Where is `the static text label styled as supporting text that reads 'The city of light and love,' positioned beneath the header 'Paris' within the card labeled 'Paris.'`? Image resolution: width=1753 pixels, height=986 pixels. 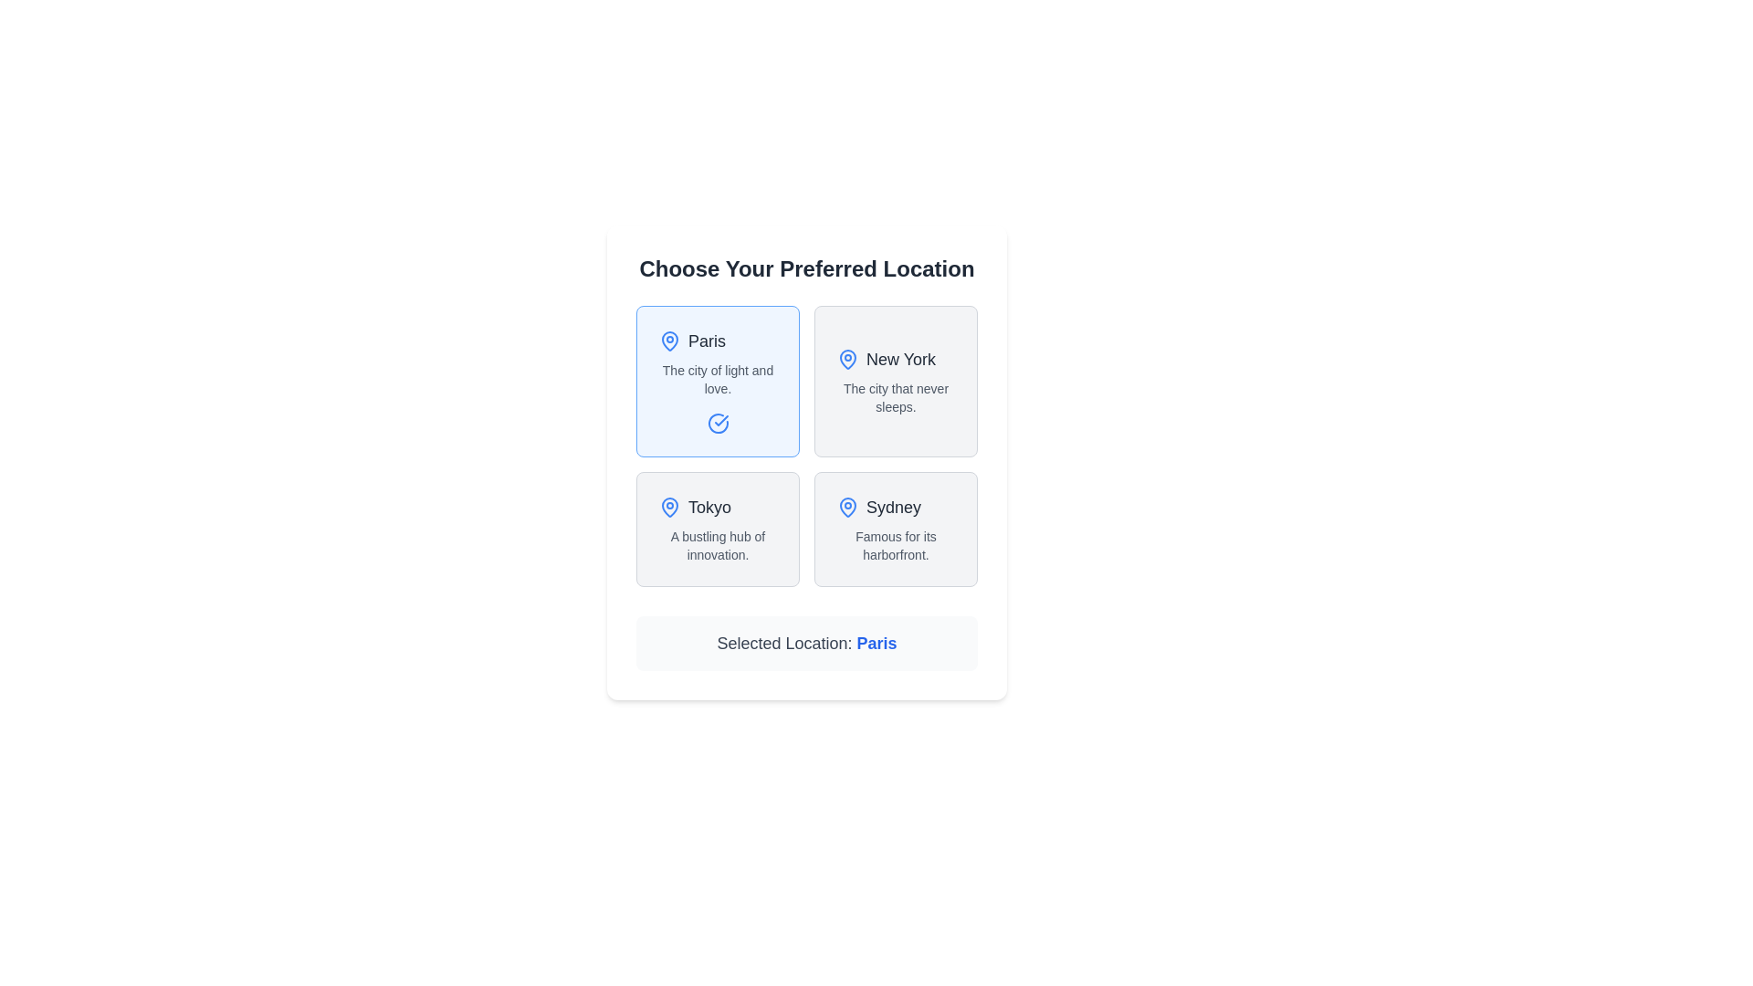
the static text label styled as supporting text that reads 'The city of light and love,' positioned beneath the header 'Paris' within the card labeled 'Paris.' is located at coordinates (717, 379).